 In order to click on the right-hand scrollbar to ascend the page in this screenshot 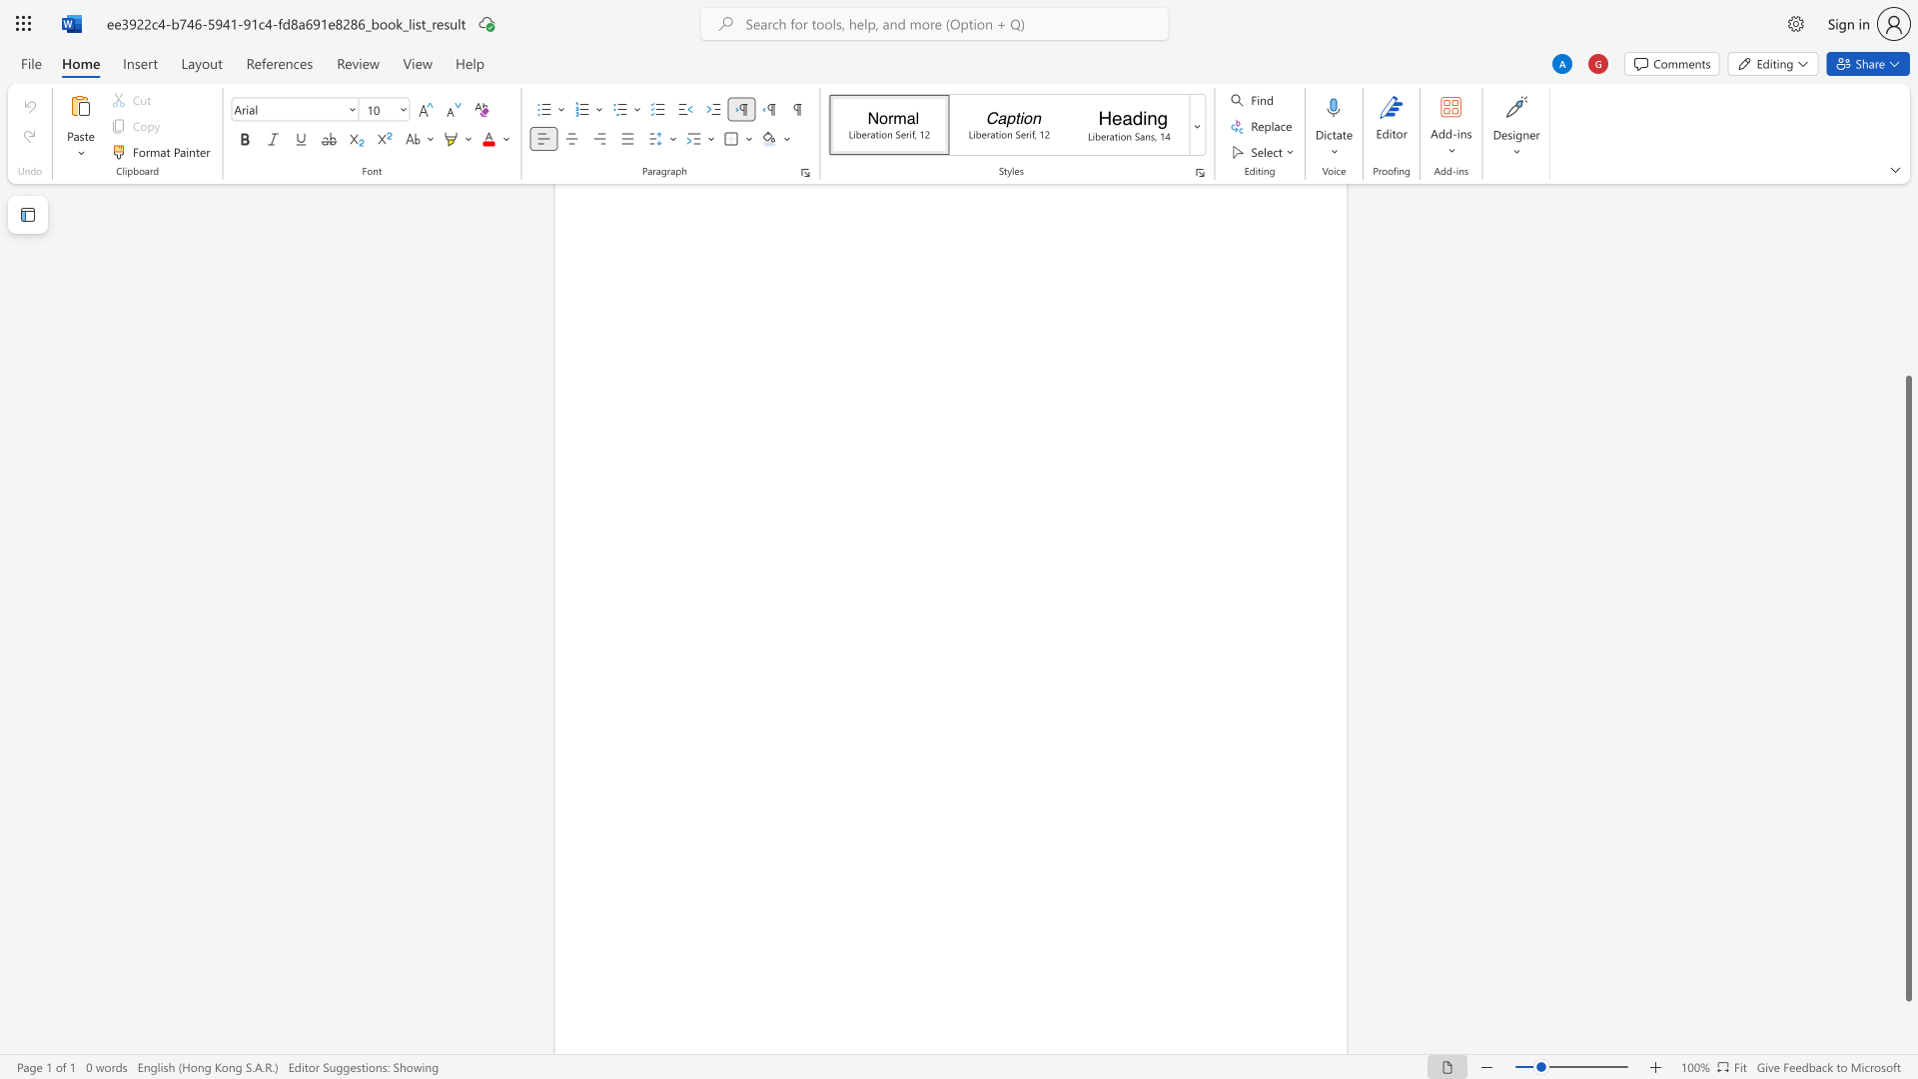, I will do `click(1907, 280)`.